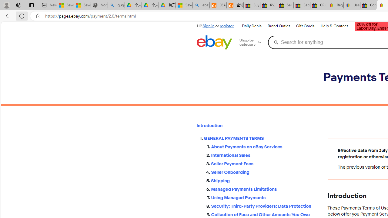 The height and width of the screenshot is (218, 388). What do you see at coordinates (264, 147) in the screenshot?
I see `'About Payments on eBay Services'` at bounding box center [264, 147].